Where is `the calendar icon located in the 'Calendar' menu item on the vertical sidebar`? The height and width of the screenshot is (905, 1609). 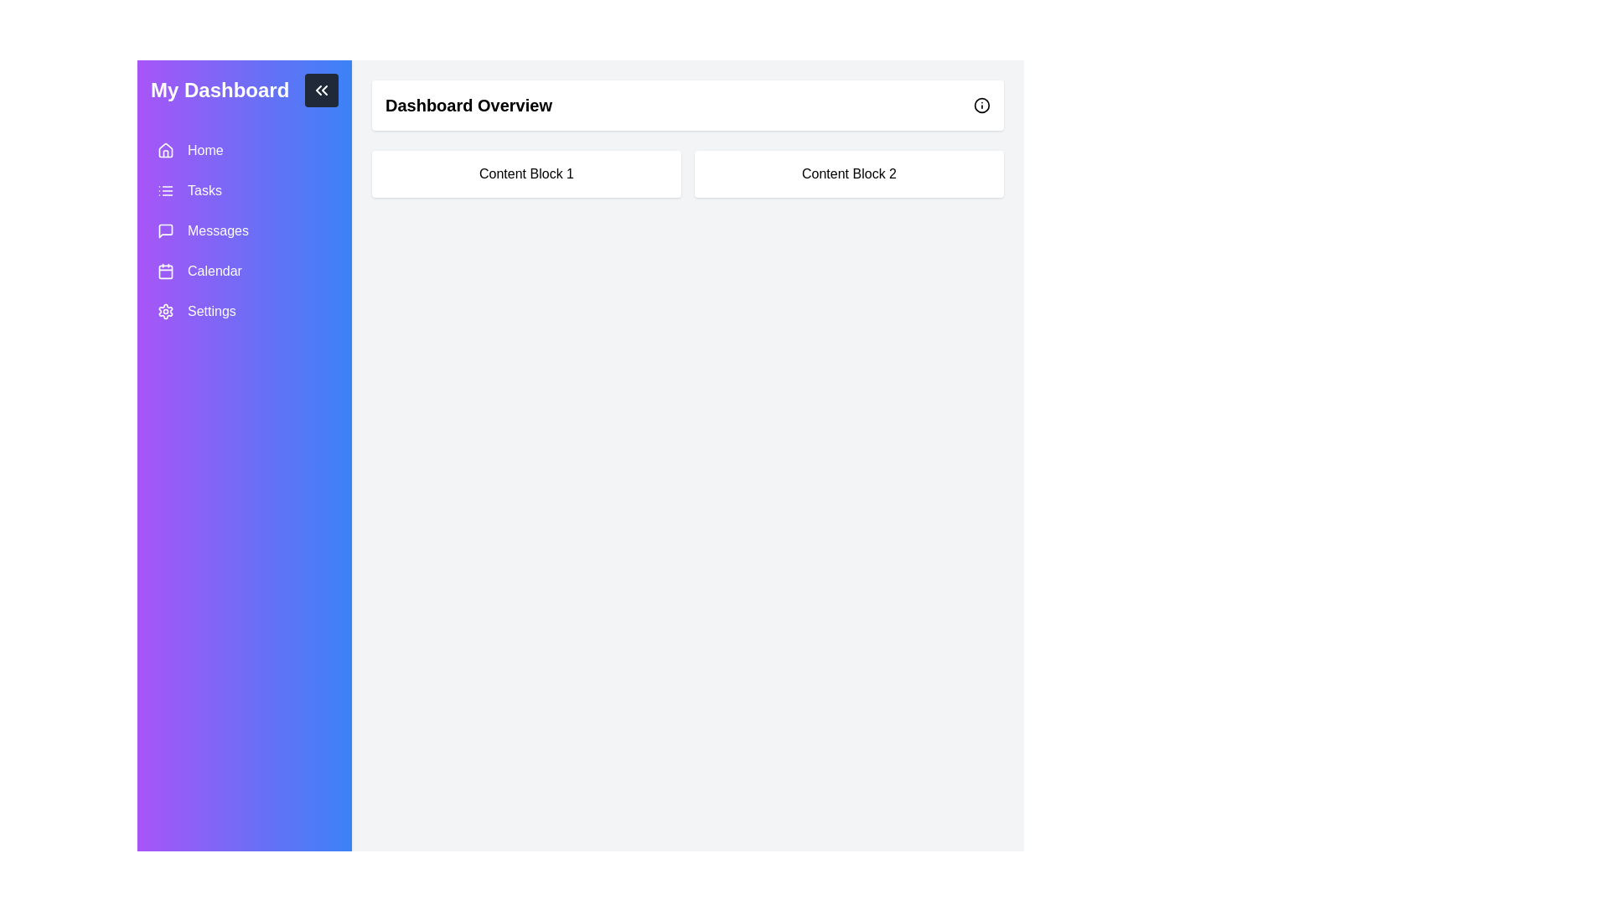 the calendar icon located in the 'Calendar' menu item on the vertical sidebar is located at coordinates (165, 271).